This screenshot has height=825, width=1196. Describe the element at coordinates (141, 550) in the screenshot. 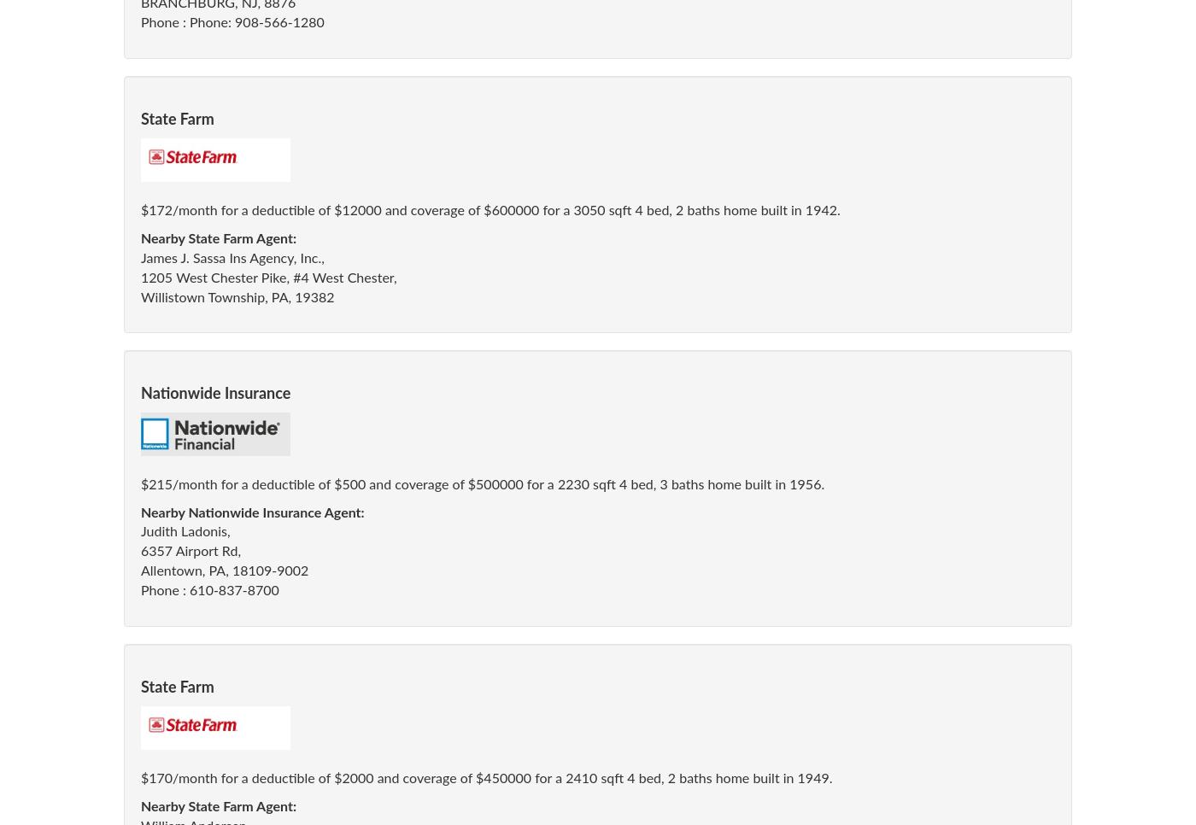

I see `'6357 Airport Rd,'` at that location.